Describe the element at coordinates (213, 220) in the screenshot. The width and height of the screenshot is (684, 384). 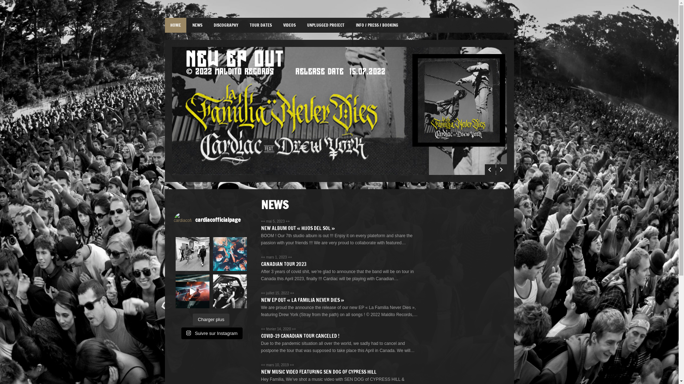
I see `'cardiacofficialpage'` at that location.